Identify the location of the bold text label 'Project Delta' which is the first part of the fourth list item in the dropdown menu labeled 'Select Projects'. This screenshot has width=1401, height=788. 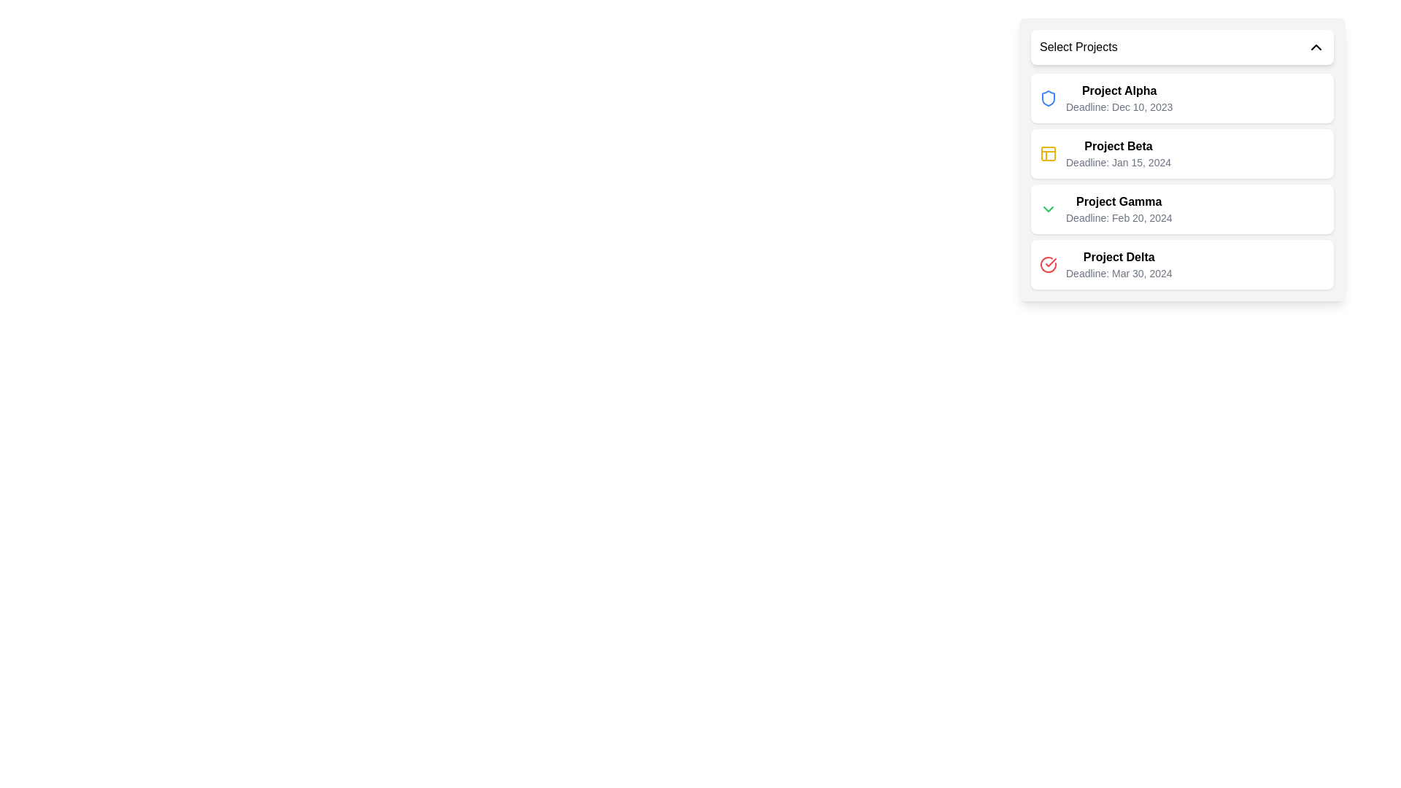
(1118, 257).